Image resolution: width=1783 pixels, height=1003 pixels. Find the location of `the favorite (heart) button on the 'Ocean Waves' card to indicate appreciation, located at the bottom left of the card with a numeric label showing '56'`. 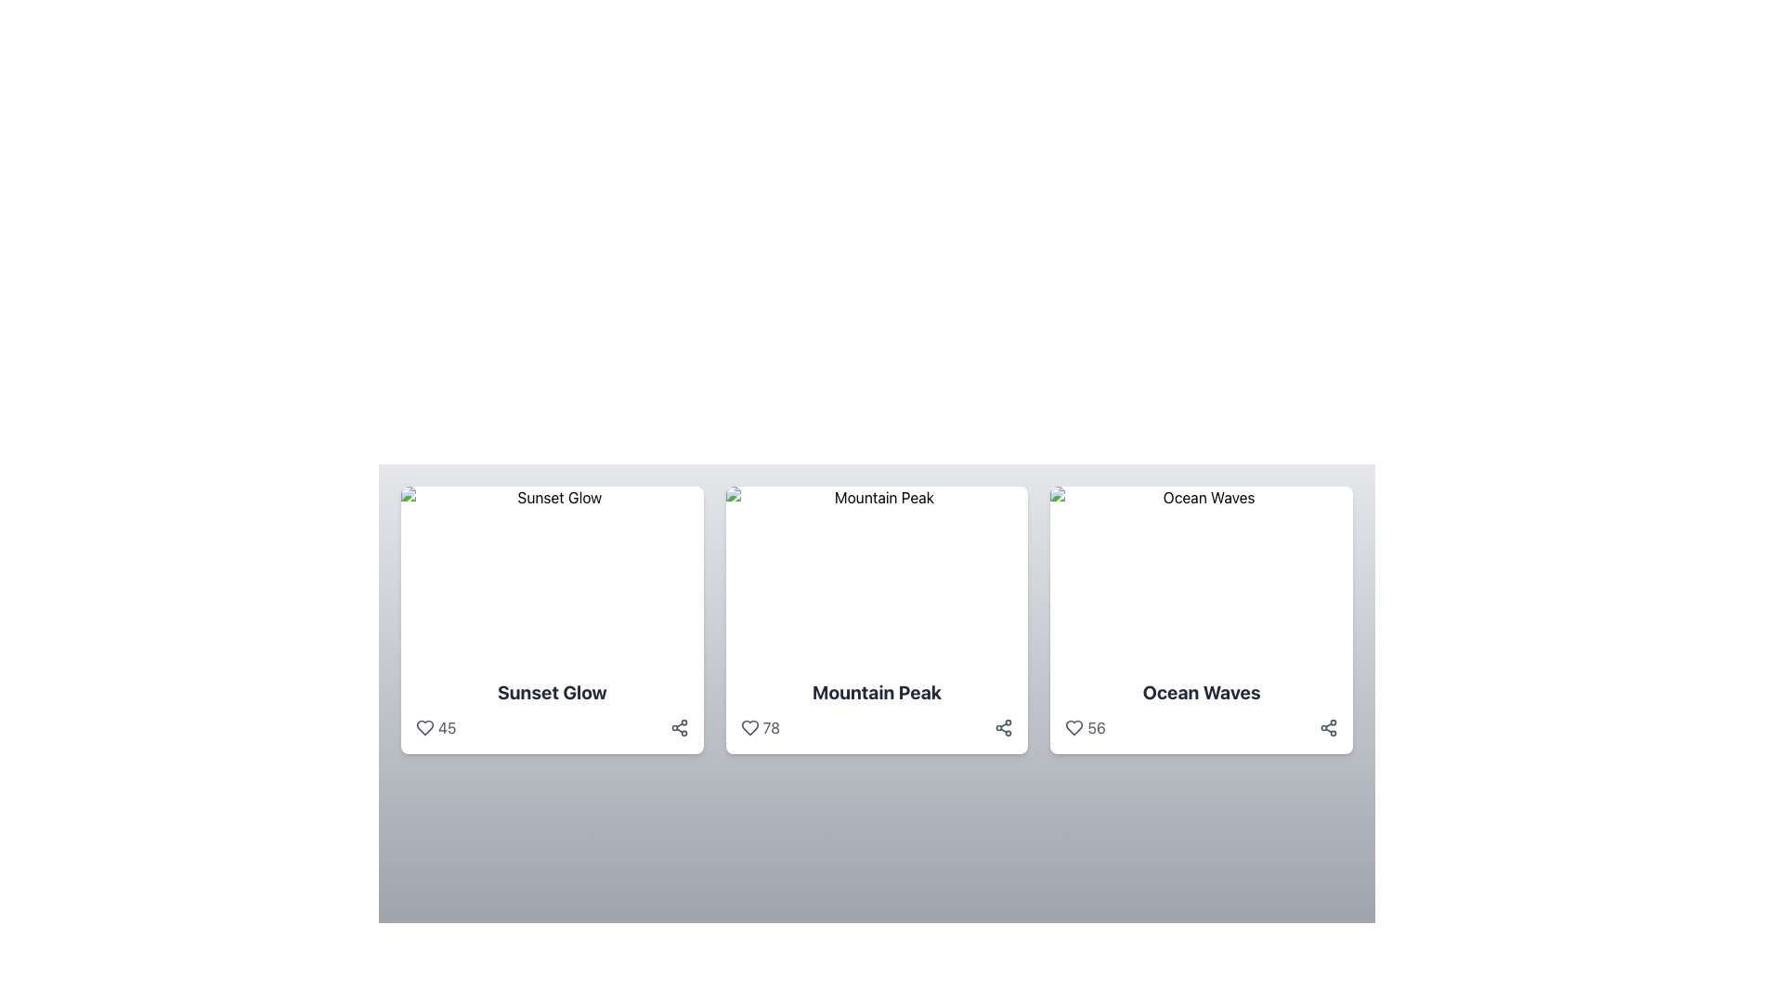

the favorite (heart) button on the 'Ocean Waves' card to indicate appreciation, located at the bottom left of the card with a numeric label showing '56' is located at coordinates (1074, 726).